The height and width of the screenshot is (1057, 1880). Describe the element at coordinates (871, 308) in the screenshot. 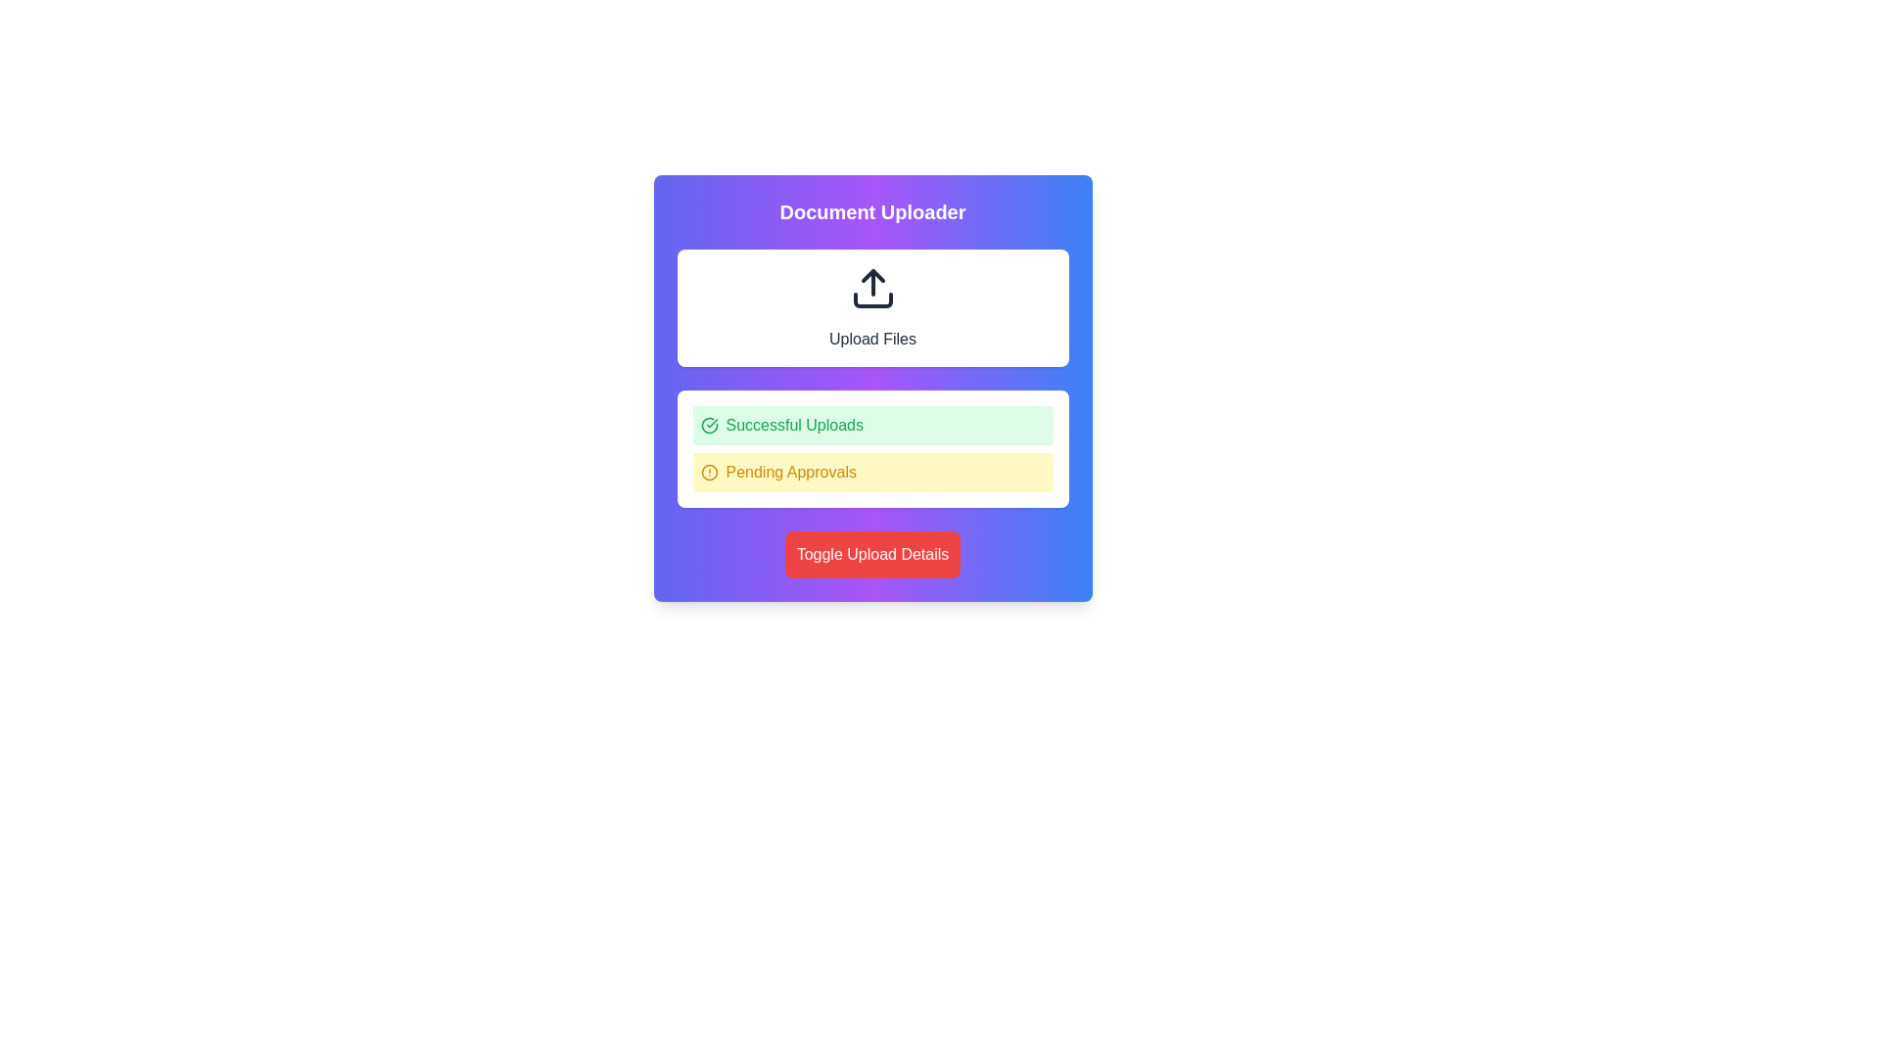

I see `the button-like interface below the title 'Document Uploader' to initiate the file upload process` at that location.